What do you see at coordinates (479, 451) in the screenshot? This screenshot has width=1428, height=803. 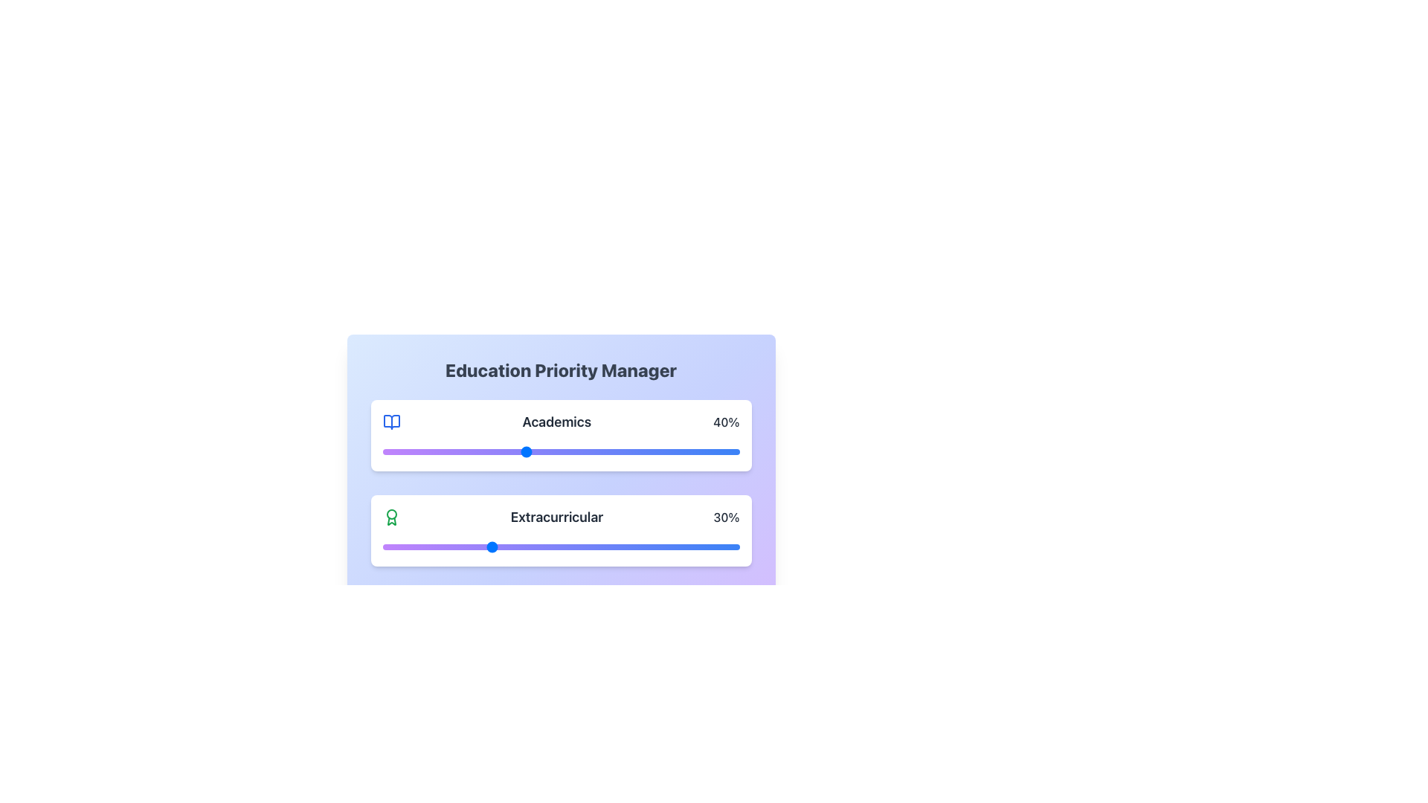 I see `the slider value` at bounding box center [479, 451].